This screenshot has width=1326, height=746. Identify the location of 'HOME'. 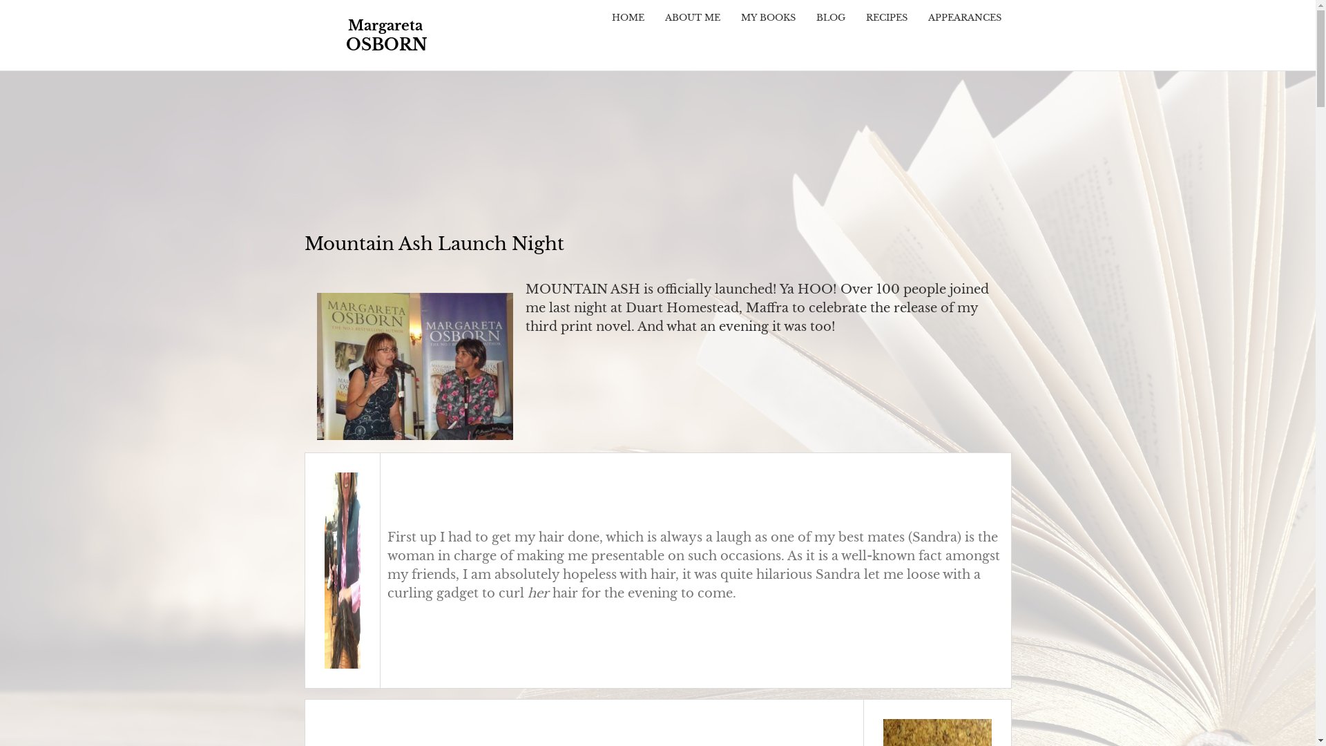
(626, 17).